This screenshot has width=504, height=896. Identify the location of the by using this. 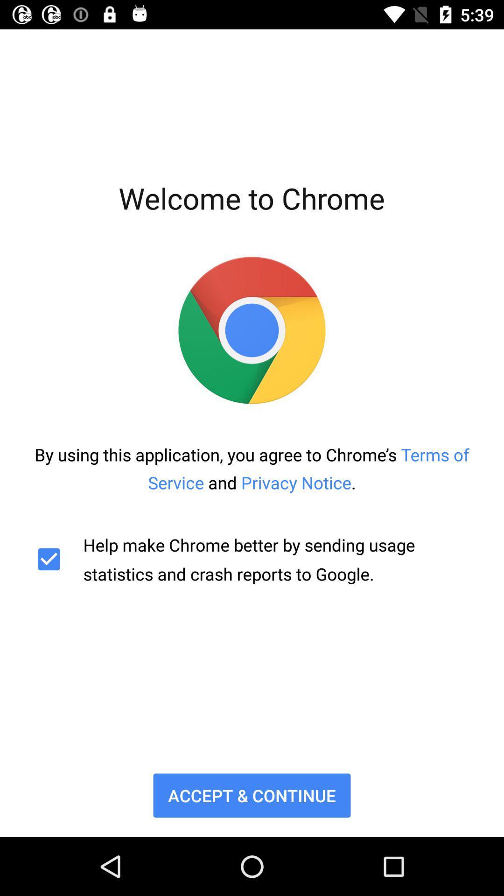
(252, 469).